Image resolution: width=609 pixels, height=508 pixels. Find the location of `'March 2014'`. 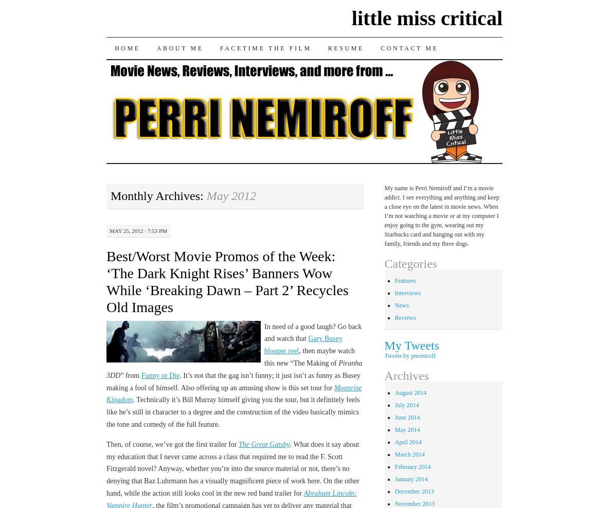

'March 2014' is located at coordinates (409, 453).